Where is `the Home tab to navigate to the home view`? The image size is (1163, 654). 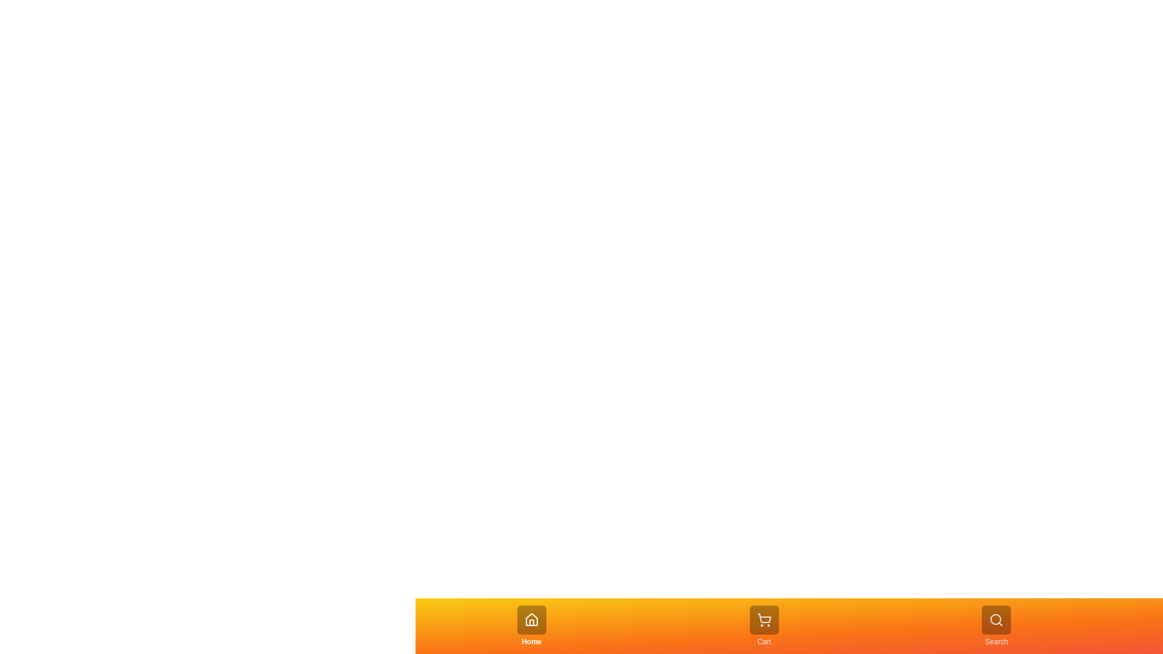
the Home tab to navigate to the home view is located at coordinates (531, 626).